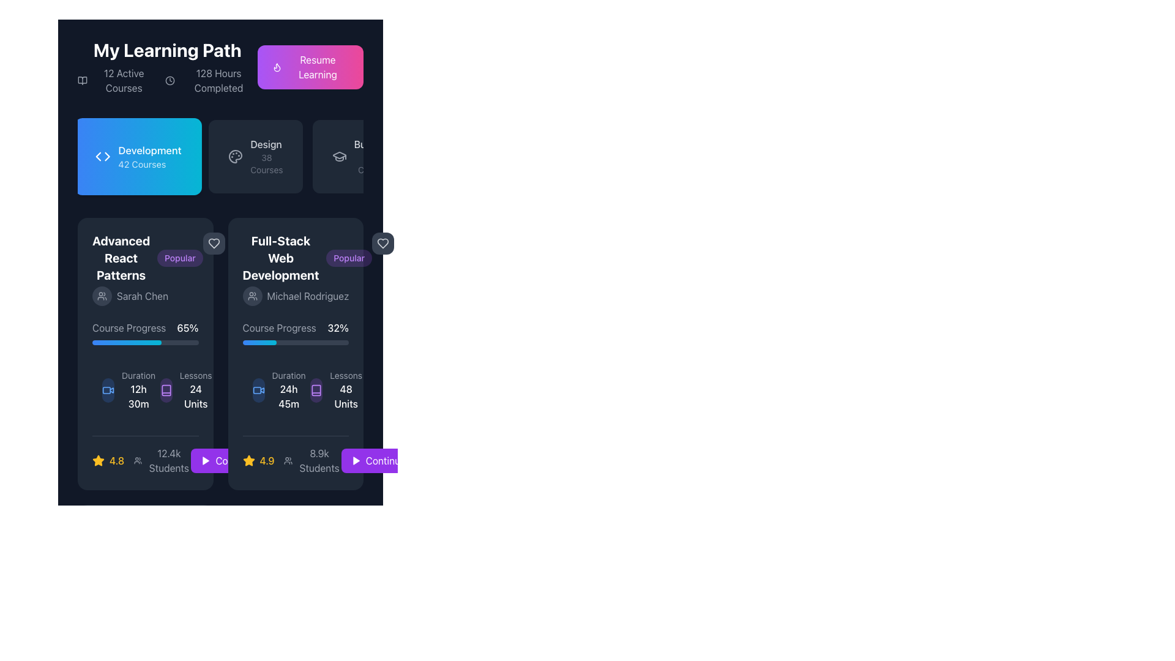  Describe the element at coordinates (362, 155) in the screenshot. I see `the 'Business' related courses button, which is the third option in a horizontal series of buttons` at that location.